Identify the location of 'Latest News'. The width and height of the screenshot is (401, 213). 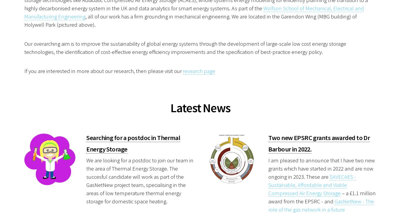
(200, 107).